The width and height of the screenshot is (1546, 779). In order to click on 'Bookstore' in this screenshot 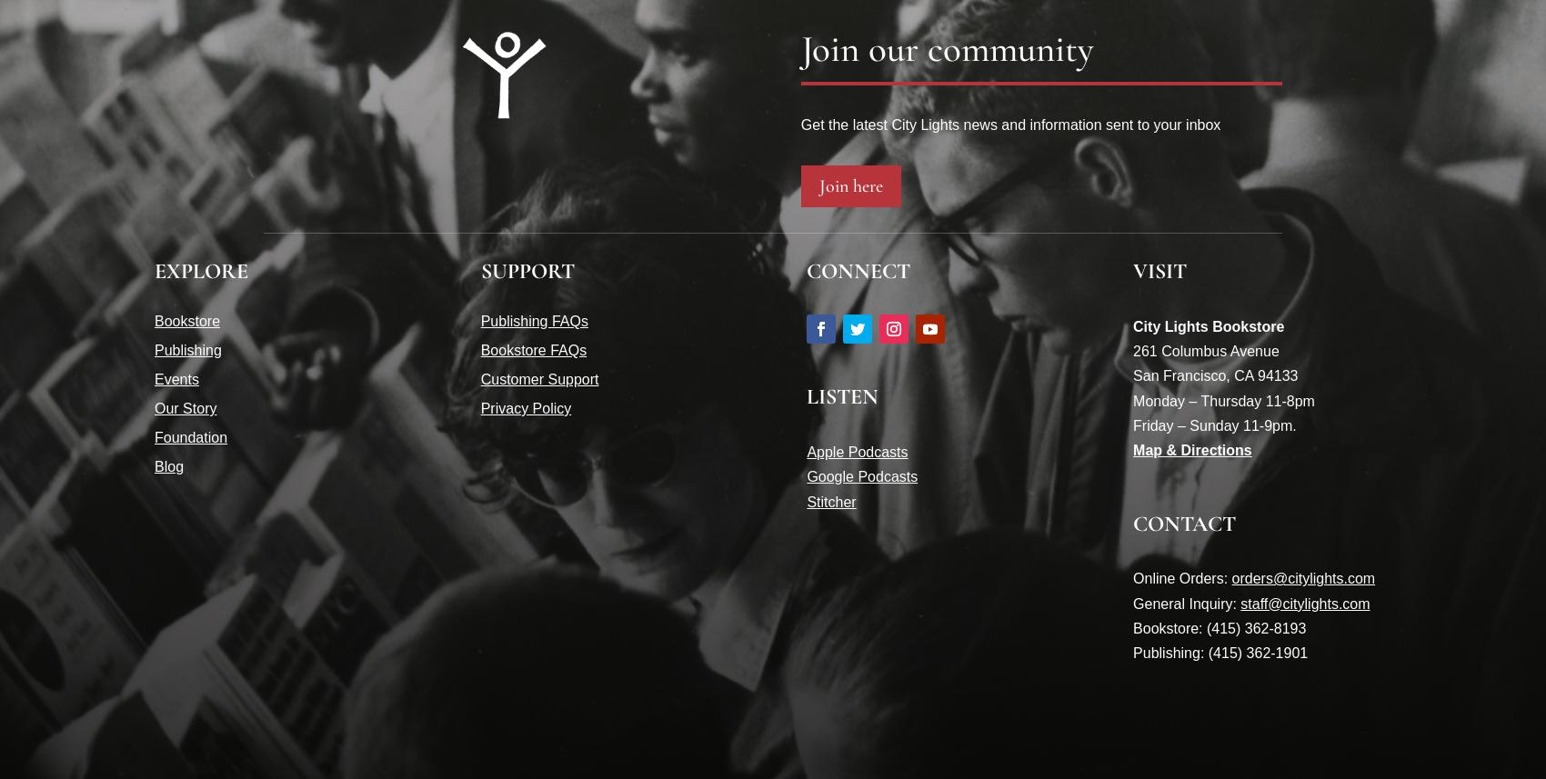, I will do `click(186, 320)`.